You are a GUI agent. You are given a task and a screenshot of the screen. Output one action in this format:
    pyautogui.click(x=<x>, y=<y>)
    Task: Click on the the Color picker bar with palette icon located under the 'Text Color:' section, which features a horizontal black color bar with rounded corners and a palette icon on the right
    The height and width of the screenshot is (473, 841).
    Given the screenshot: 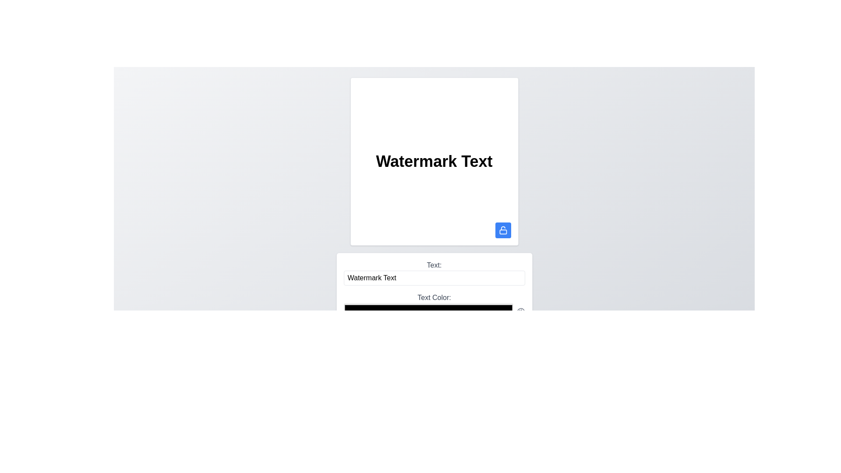 What is the action you would take?
    pyautogui.click(x=434, y=311)
    